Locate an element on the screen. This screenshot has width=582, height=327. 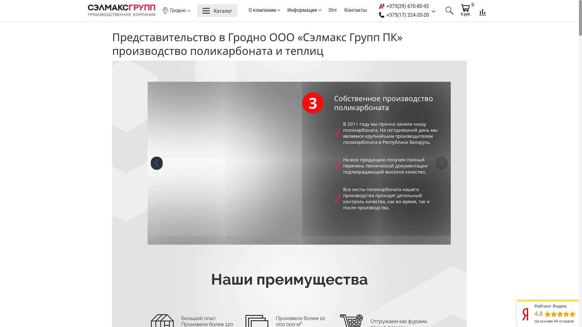
'+375(17) 224-20-20' is located at coordinates (407, 15).